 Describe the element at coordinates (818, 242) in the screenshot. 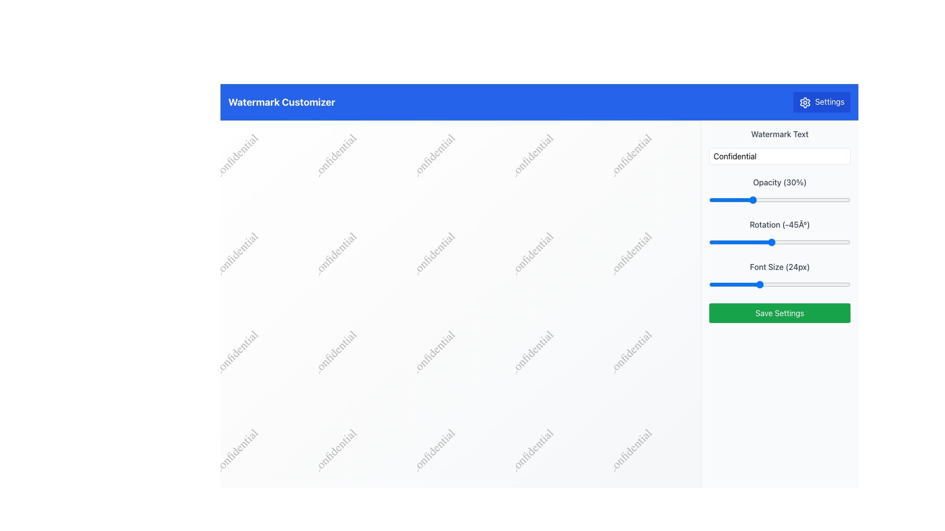

I see `rotation` at that location.